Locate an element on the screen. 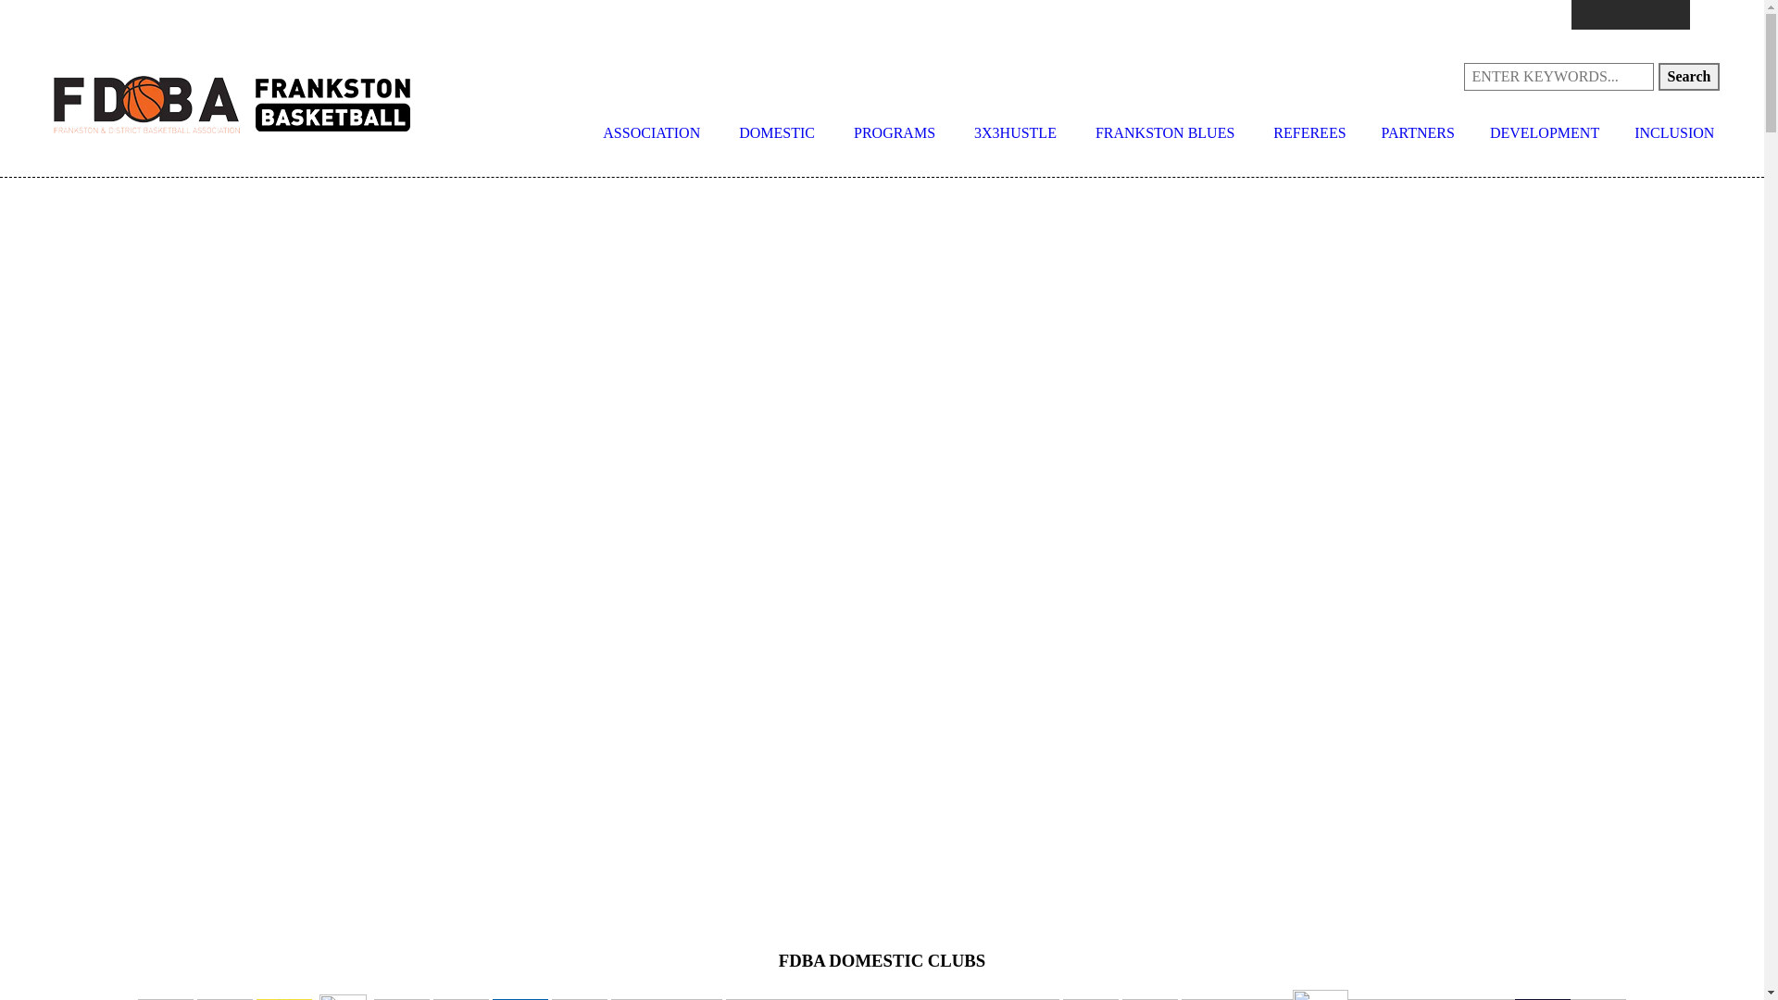  'LinkedIn' is located at coordinates (1689, 14).